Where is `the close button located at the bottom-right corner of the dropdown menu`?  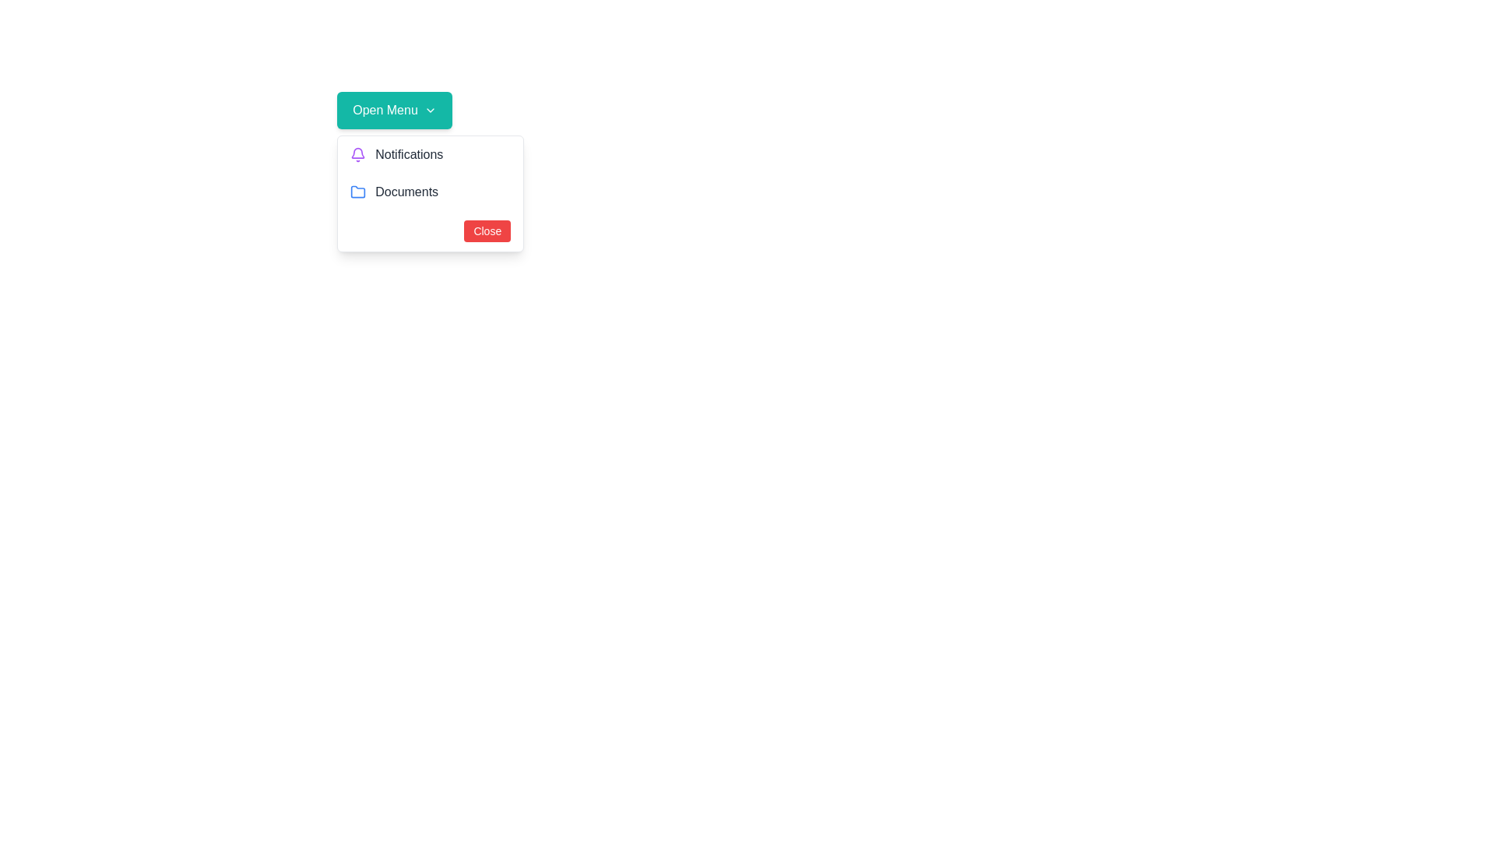
the close button located at the bottom-right corner of the dropdown menu is located at coordinates (487, 231).